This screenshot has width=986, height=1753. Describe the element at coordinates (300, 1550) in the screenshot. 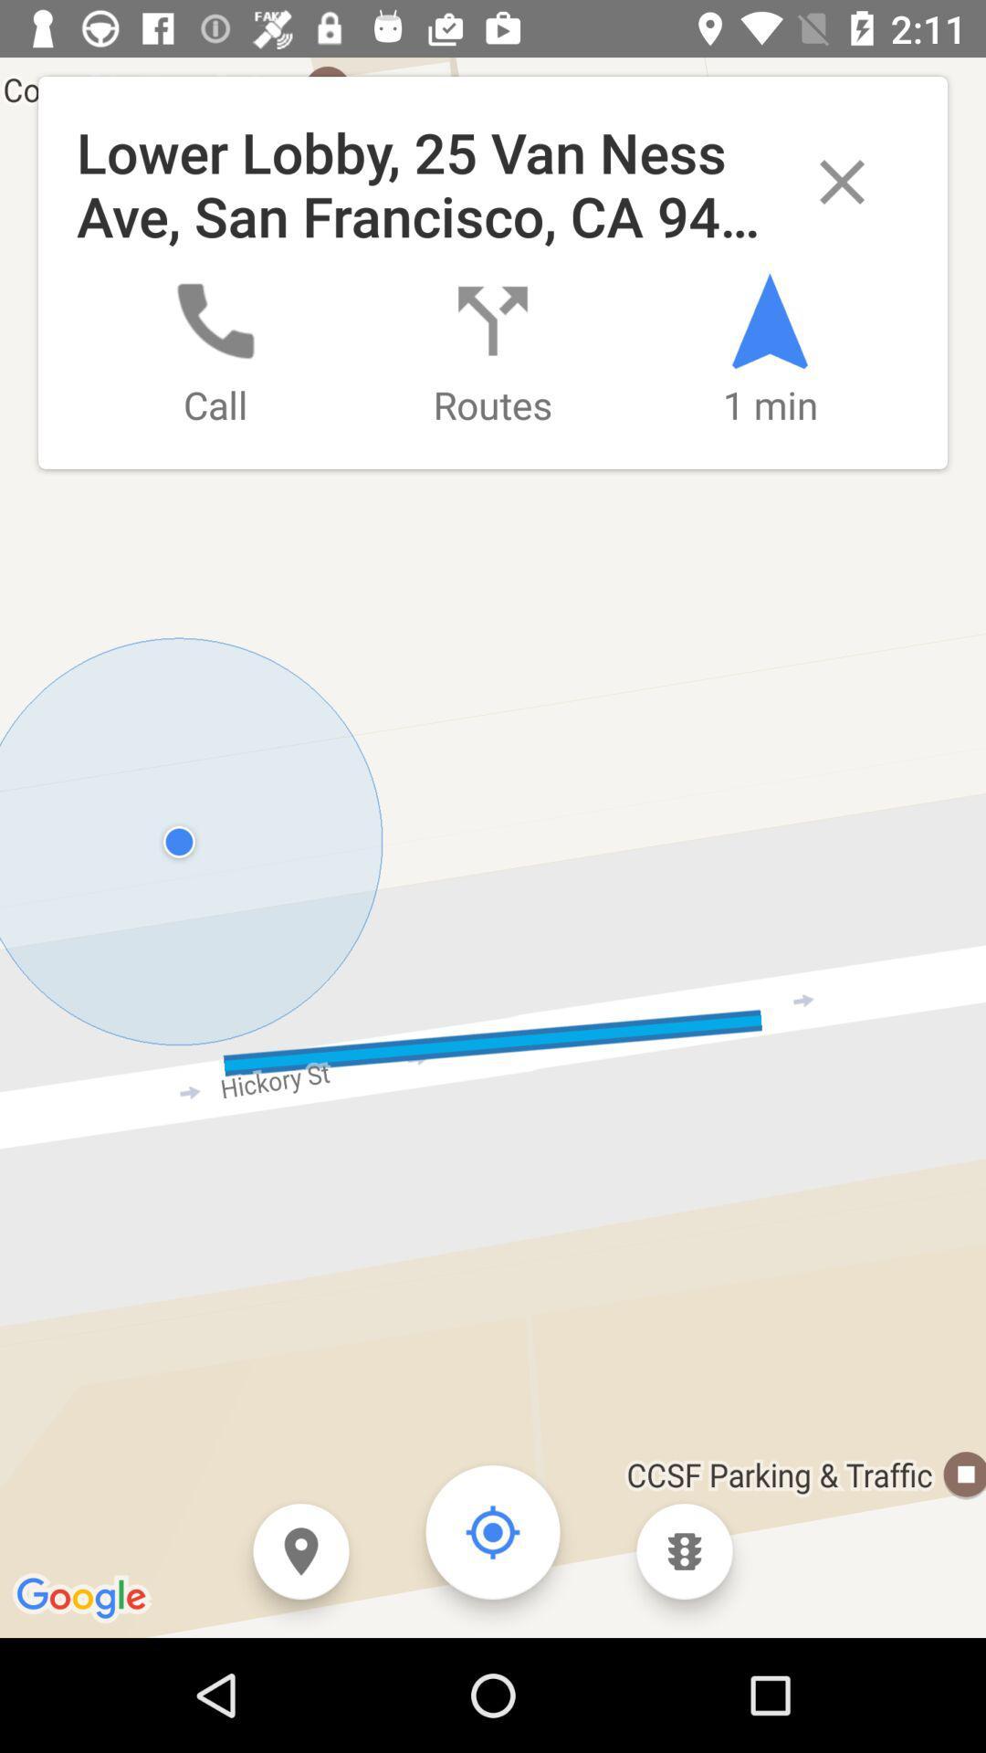

I see `the location icon` at that location.